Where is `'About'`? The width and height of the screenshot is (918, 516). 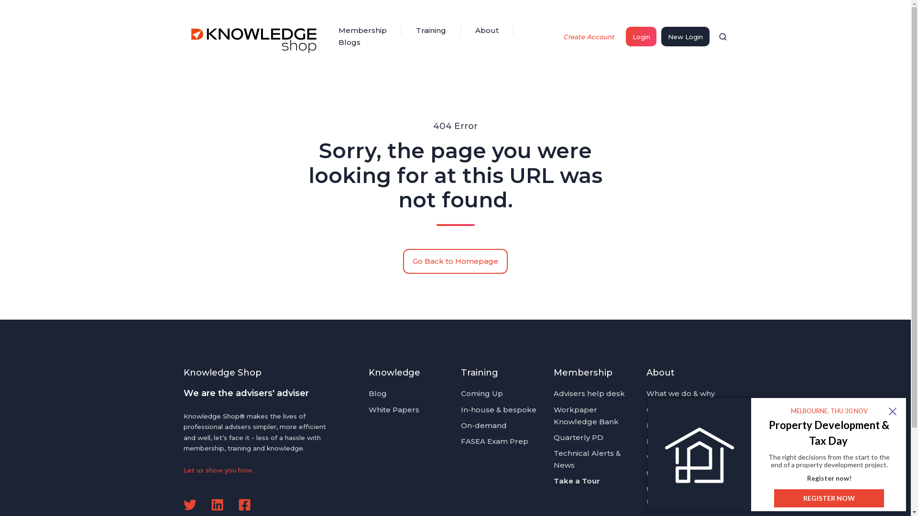
'About' is located at coordinates (487, 30).